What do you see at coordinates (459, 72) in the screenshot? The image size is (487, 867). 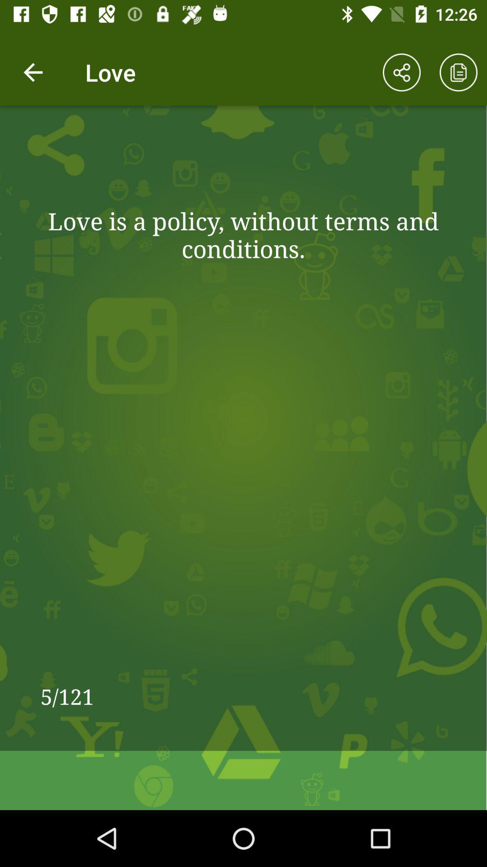 I see `advances to the next page` at bounding box center [459, 72].